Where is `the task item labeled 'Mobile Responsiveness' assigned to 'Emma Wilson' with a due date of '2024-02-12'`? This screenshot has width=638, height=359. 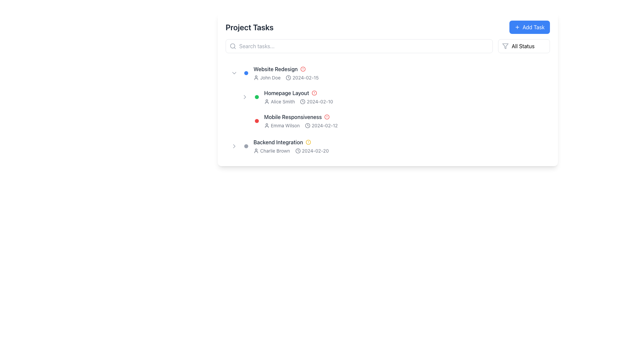 the task item labeled 'Mobile Responsiveness' assigned to 'Emma Wilson' with a due date of '2024-02-12' is located at coordinates (387, 121).